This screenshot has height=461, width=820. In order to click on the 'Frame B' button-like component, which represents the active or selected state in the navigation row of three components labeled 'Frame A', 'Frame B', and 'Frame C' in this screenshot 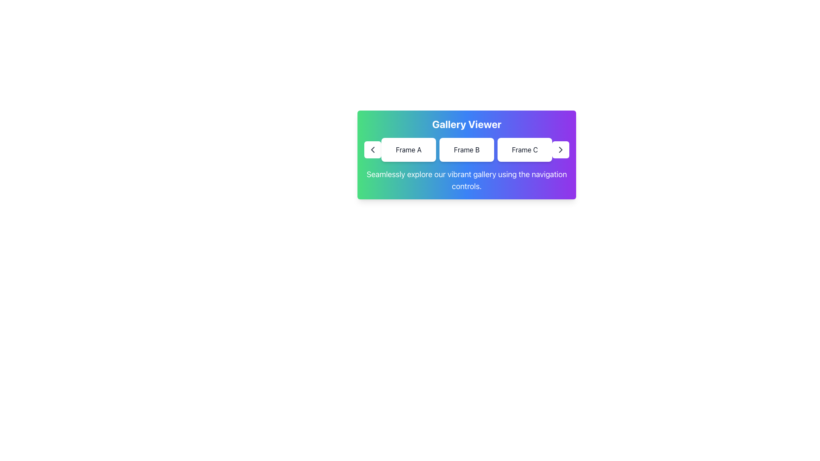, I will do `click(466, 149)`.